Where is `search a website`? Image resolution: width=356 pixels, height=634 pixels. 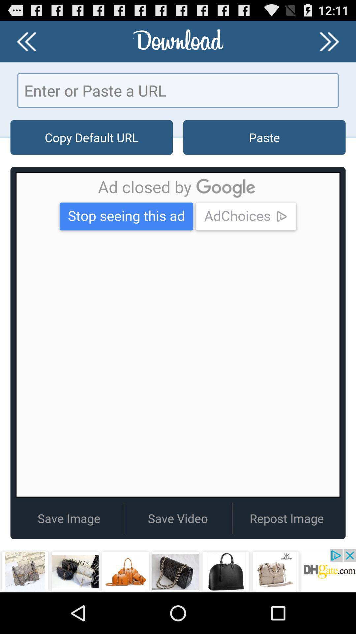 search a website is located at coordinates (178, 90).